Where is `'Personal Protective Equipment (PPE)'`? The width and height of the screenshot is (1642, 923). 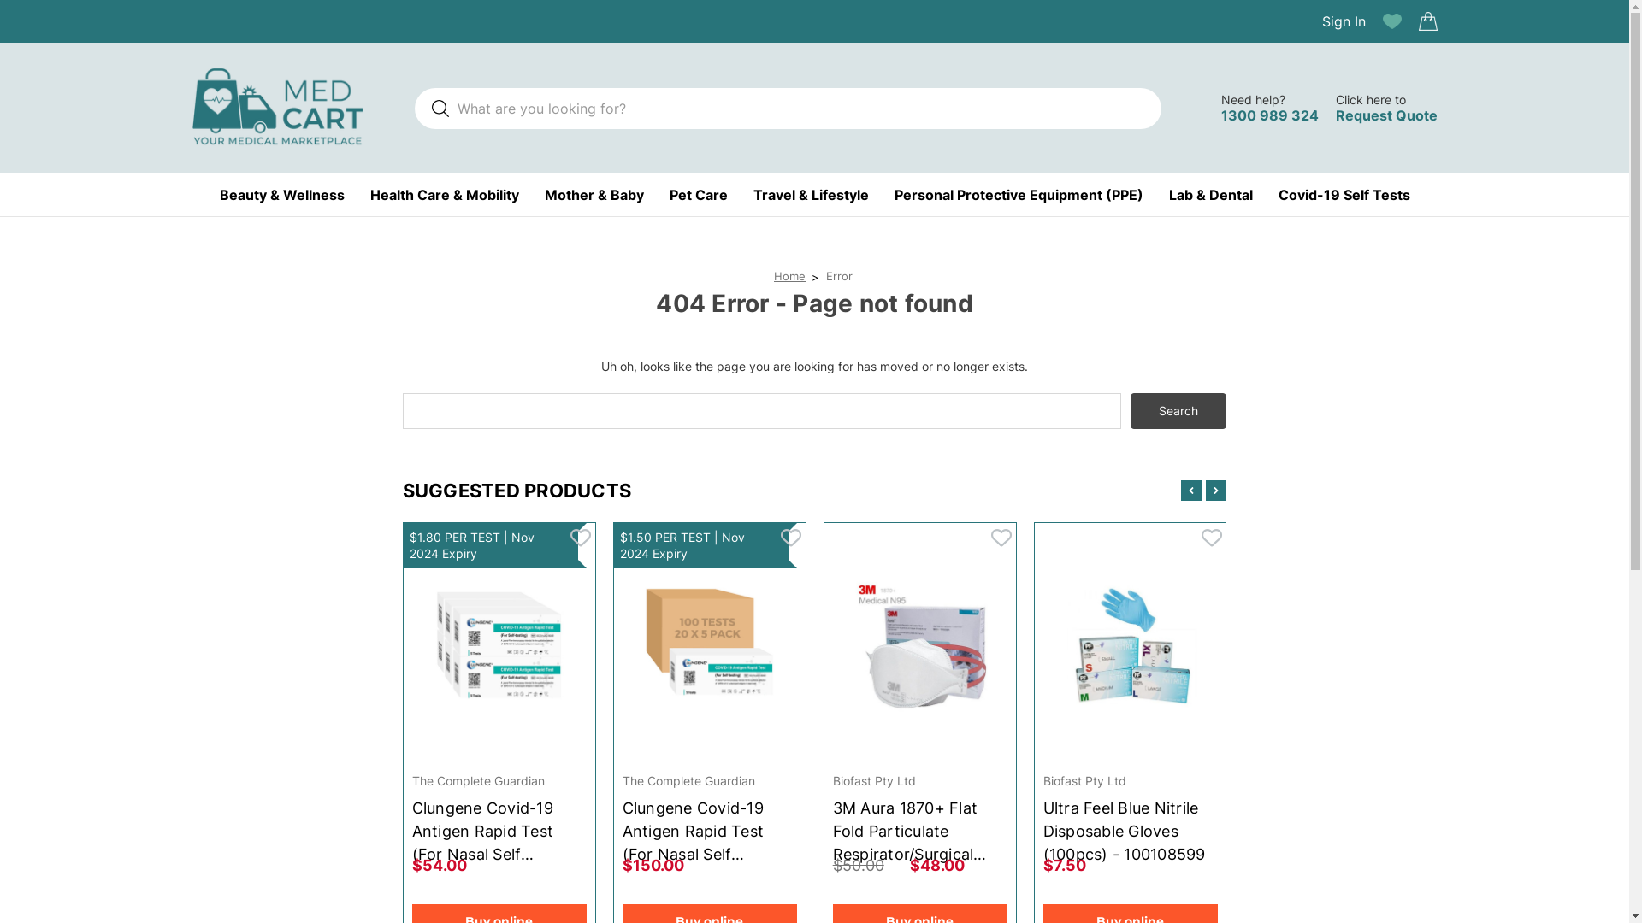
'Personal Protective Equipment (PPE)' is located at coordinates (1019, 193).